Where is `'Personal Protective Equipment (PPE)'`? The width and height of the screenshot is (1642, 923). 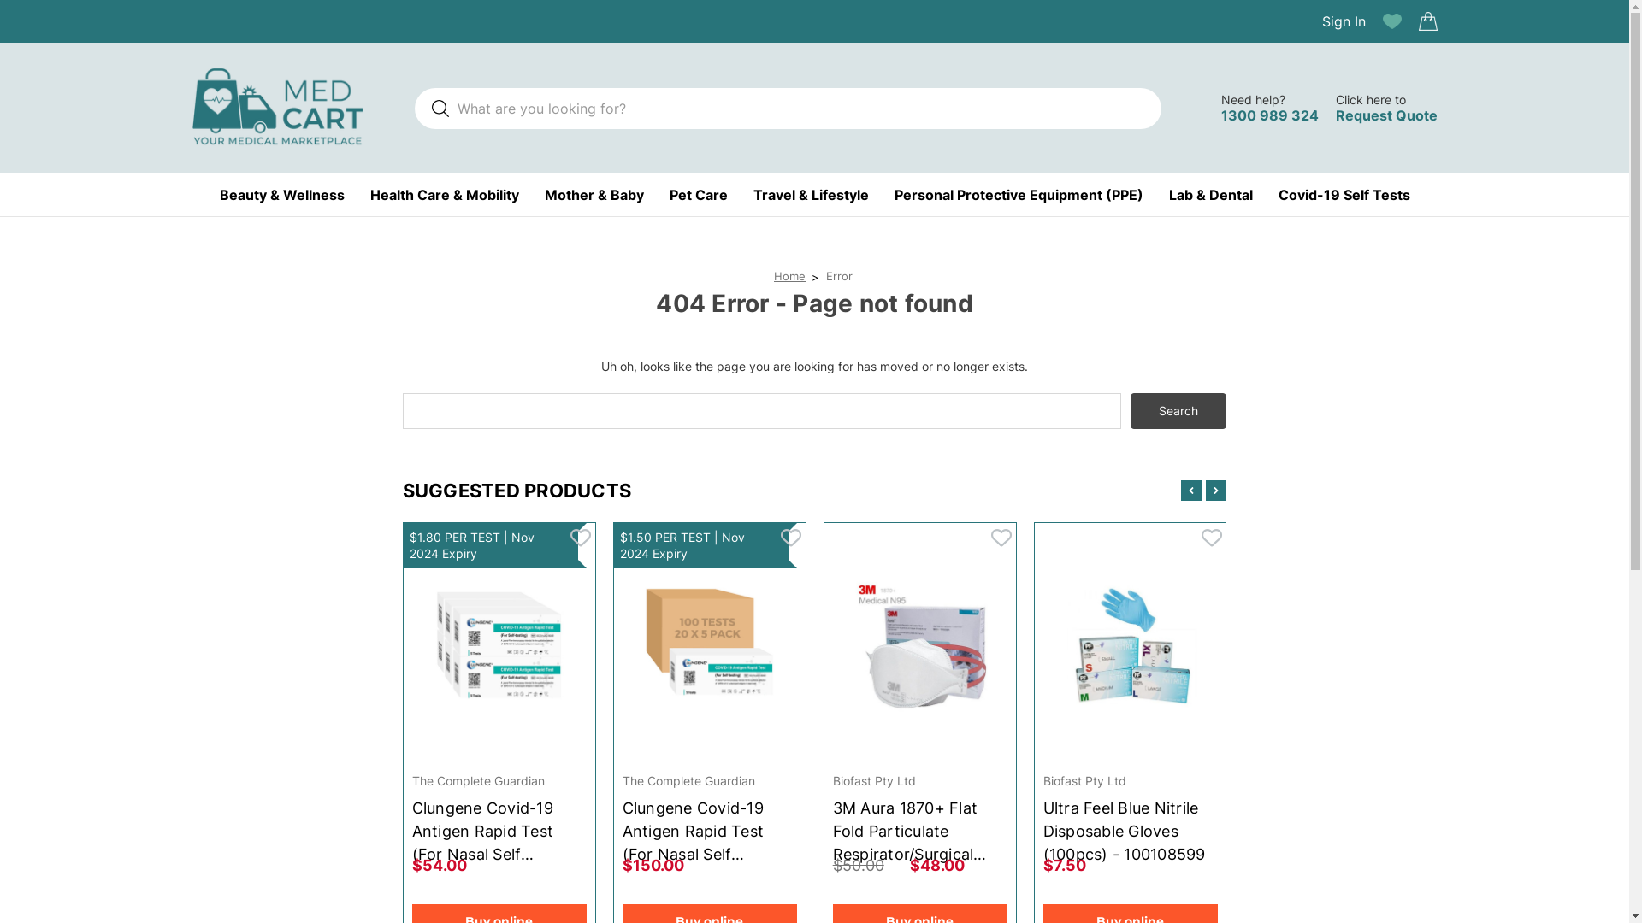
'Personal Protective Equipment (PPE)' is located at coordinates (1019, 193).